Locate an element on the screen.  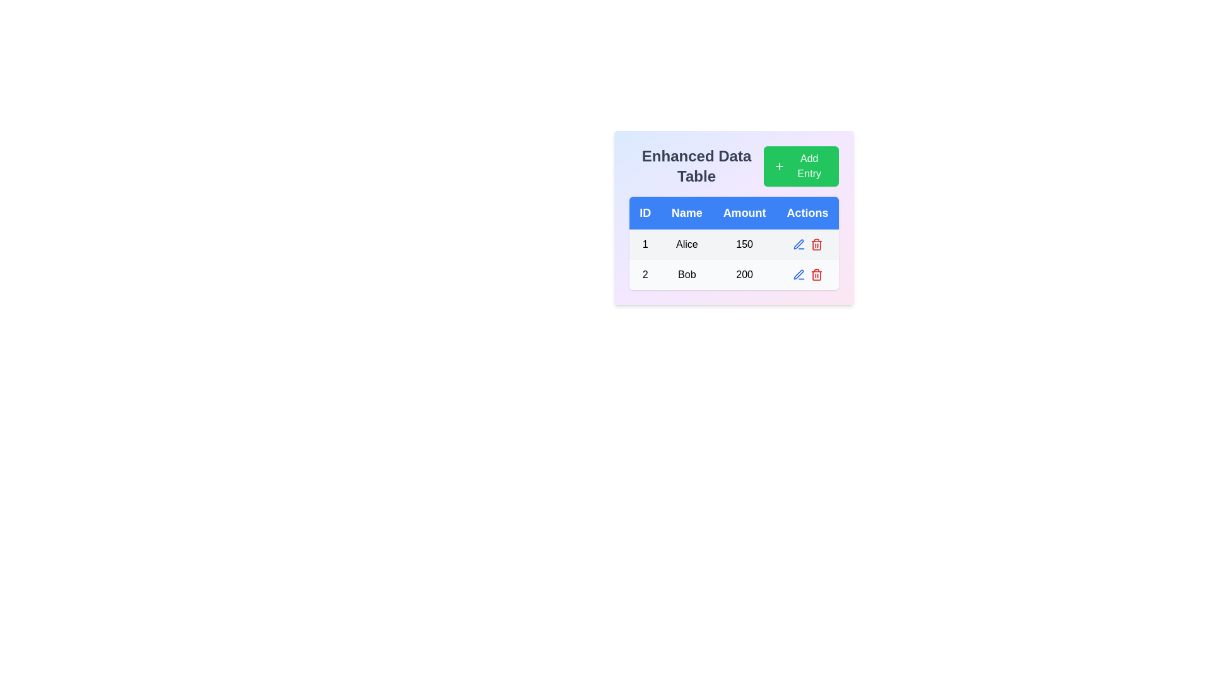
column titles from the table header row that labels the columns as 'ID', 'Name', 'Amount', and 'Actions'. This header is located directly beneath the 'Enhanced Data Table' title and the 'Add Entry' button is located at coordinates (734, 212).